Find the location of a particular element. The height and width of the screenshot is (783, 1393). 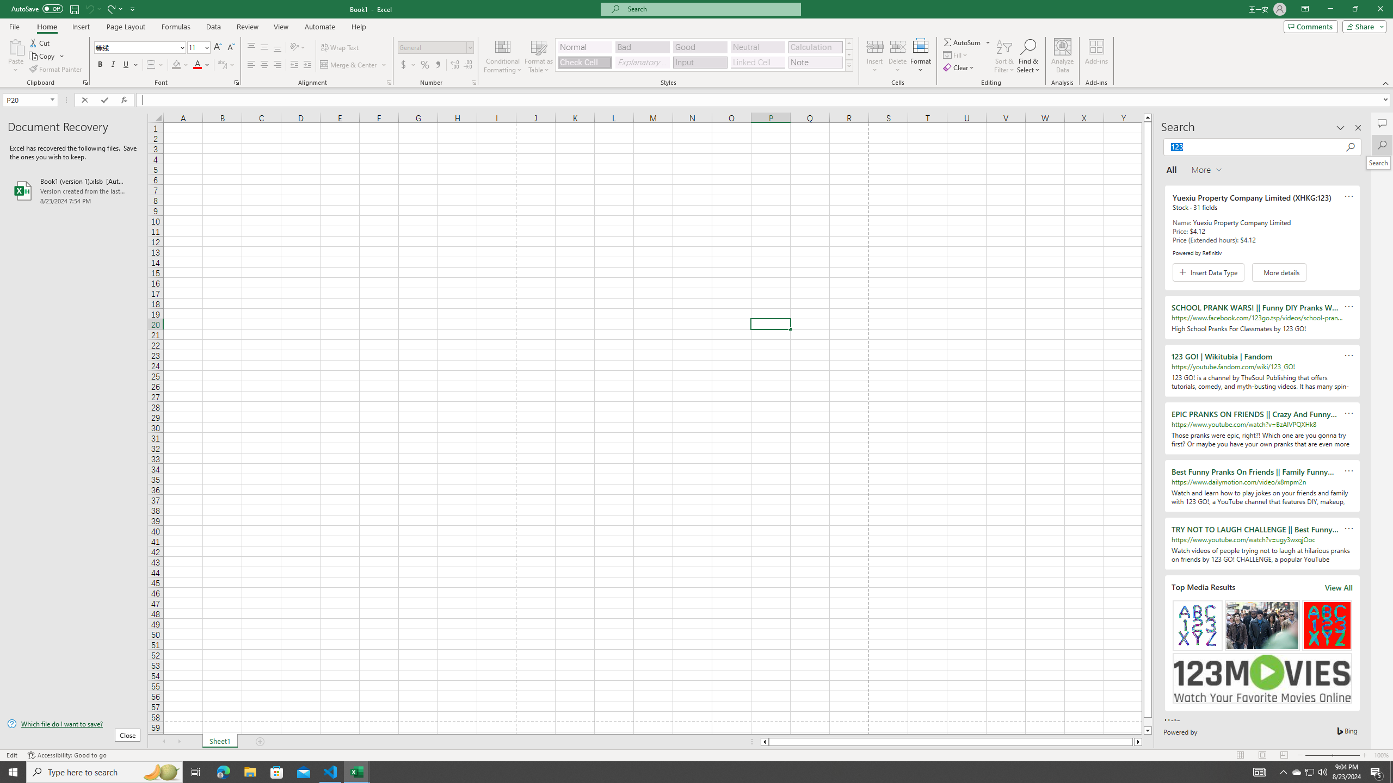

'Accounting Number Format' is located at coordinates (408, 64).